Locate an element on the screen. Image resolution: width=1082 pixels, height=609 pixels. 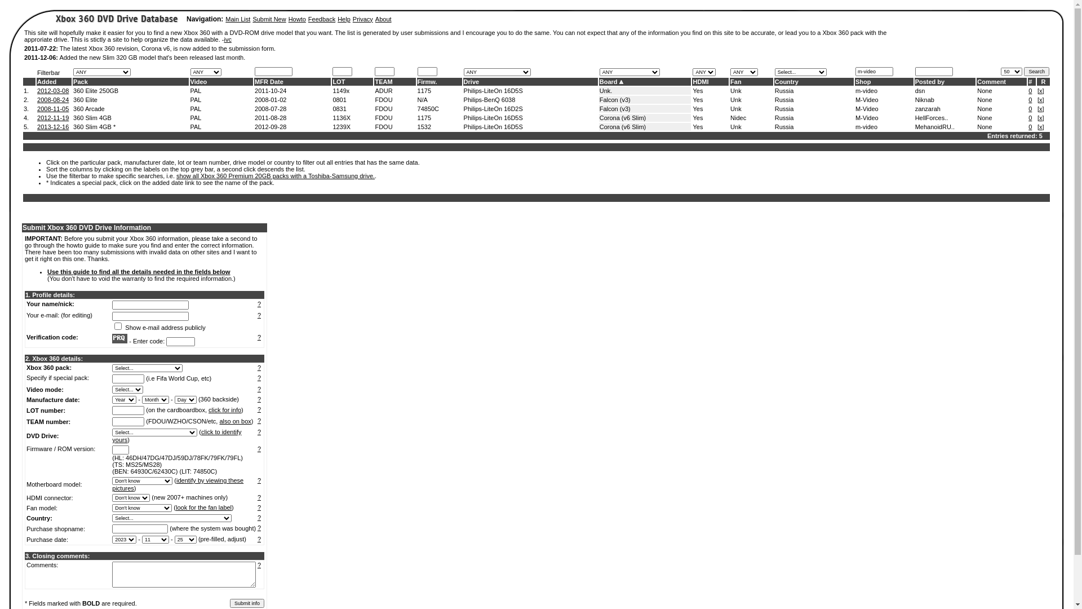
'Howto' is located at coordinates (297, 19).